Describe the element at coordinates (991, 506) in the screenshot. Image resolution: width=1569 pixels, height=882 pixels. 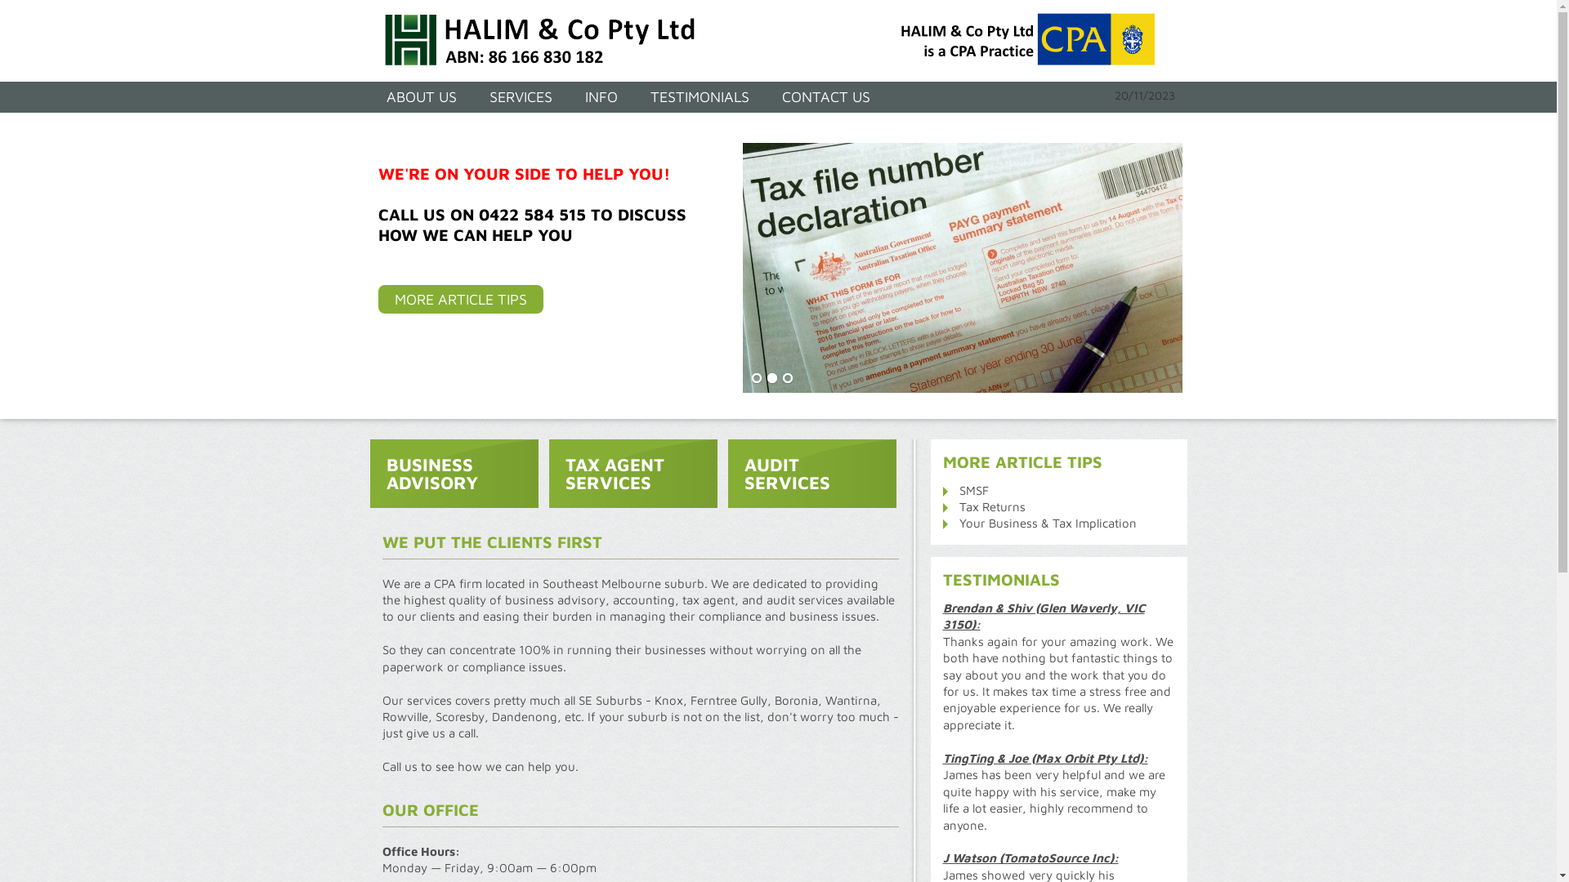
I see `'Tax Returns'` at that location.